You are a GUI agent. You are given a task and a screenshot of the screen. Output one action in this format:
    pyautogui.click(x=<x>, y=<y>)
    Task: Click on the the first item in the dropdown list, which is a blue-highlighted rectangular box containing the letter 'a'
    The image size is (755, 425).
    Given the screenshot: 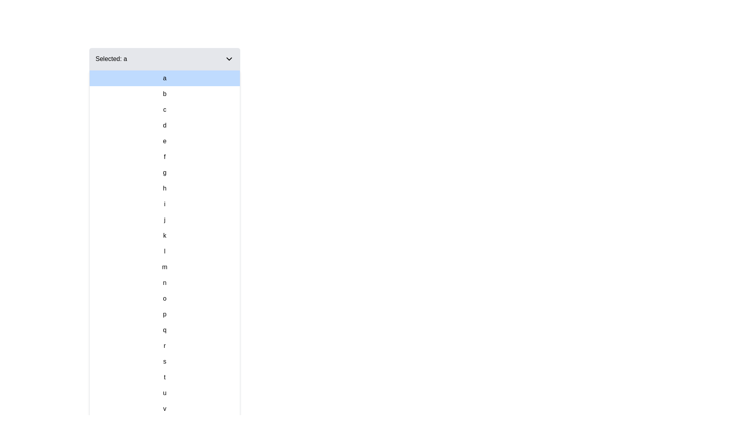 What is the action you would take?
    pyautogui.click(x=164, y=78)
    